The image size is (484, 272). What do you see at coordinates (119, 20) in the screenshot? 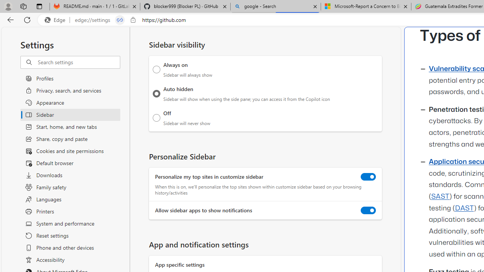
I see `'Tabs in split screen'` at bounding box center [119, 20].